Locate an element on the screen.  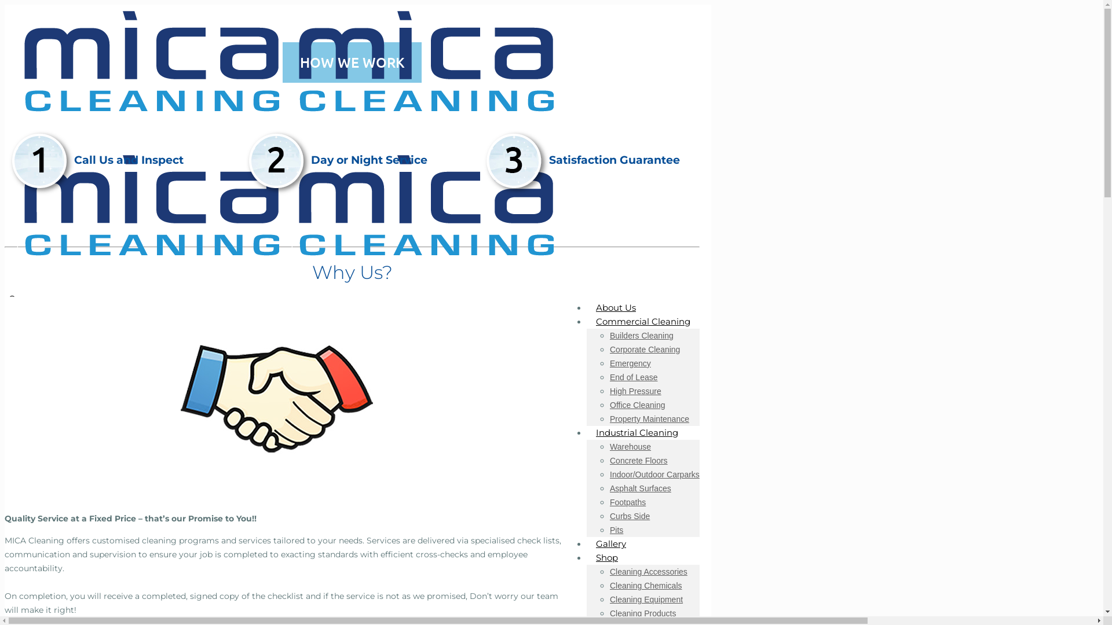
'High Pressure' is located at coordinates (635, 391).